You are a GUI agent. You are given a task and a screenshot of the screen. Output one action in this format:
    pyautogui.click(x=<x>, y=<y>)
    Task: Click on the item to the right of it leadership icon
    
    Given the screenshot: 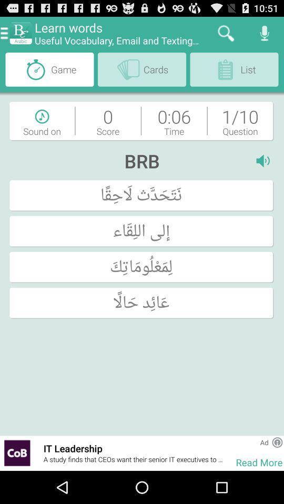 What is the action you would take?
    pyautogui.click(x=229, y=453)
    